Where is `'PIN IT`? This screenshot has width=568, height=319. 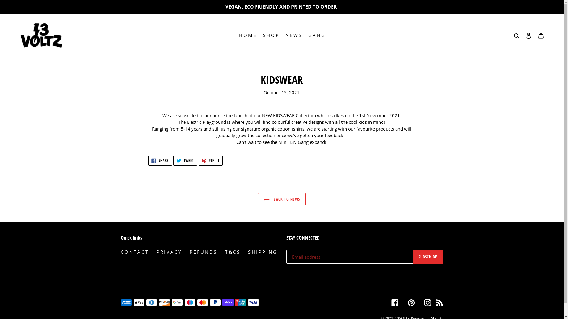 'PIN IT is located at coordinates (210, 160).